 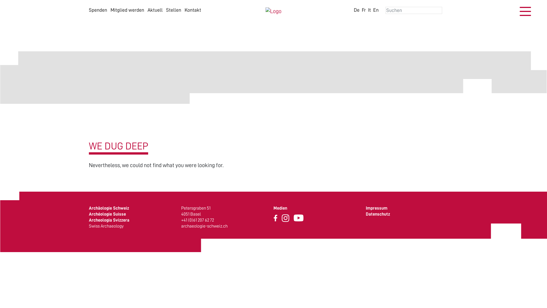 I want to click on 'Kontakt', so click(x=193, y=10).